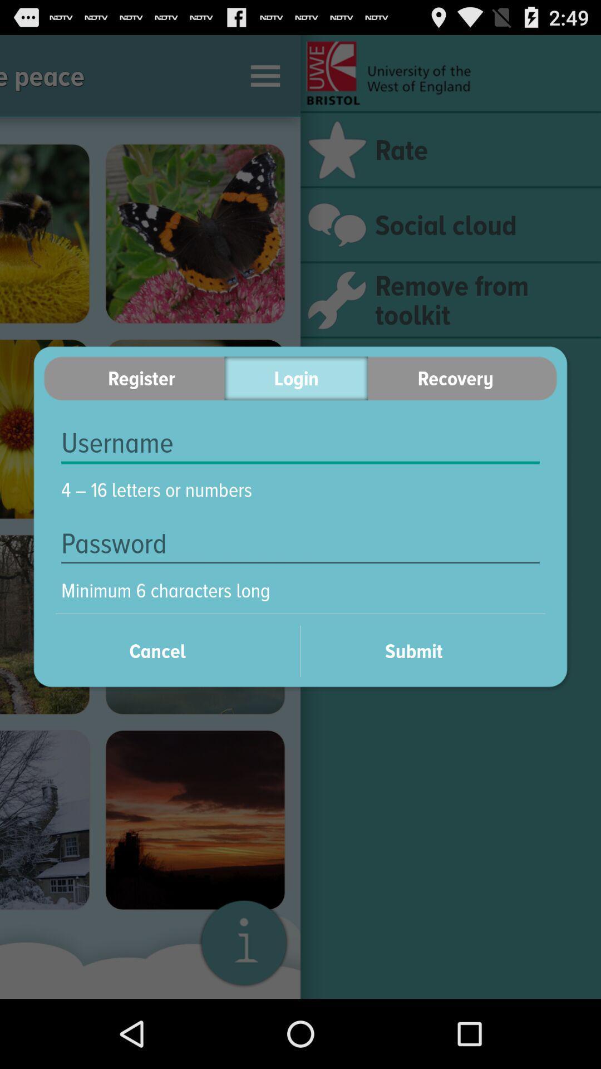 This screenshot has height=1069, width=601. What do you see at coordinates (300, 543) in the screenshot?
I see `the icon below 4 16 letters` at bounding box center [300, 543].